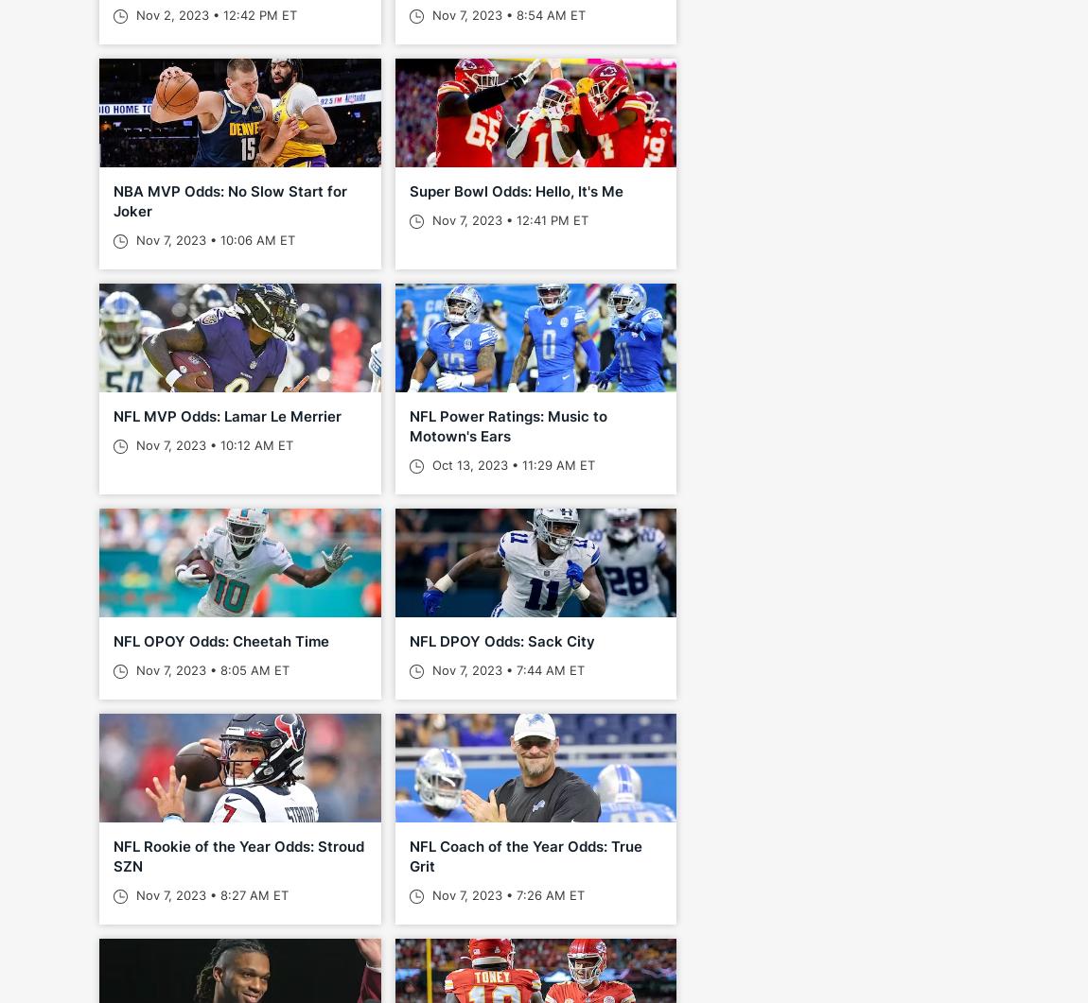  What do you see at coordinates (214, 15) in the screenshot?
I see `'Nov 2, 2023 • 12:42 PM ET'` at bounding box center [214, 15].